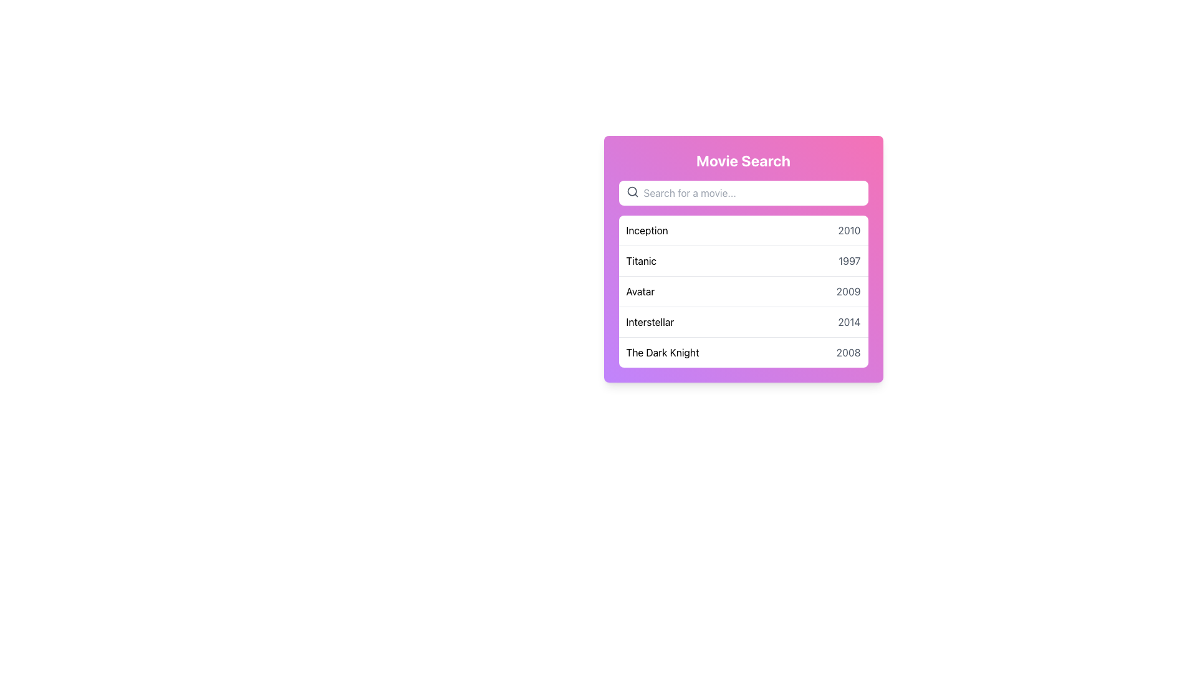  What do you see at coordinates (743, 321) in the screenshot?
I see `the fourth list item displaying the movie title 'Interstellar' and its release year '2014' in the movie search results list` at bounding box center [743, 321].